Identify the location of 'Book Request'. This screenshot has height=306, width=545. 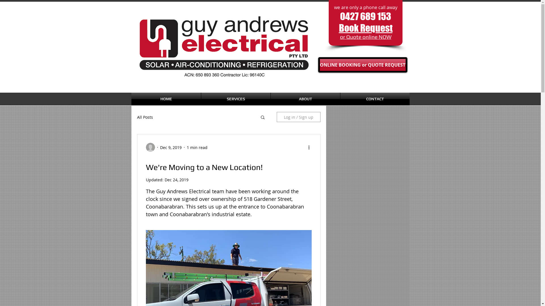
(366, 28).